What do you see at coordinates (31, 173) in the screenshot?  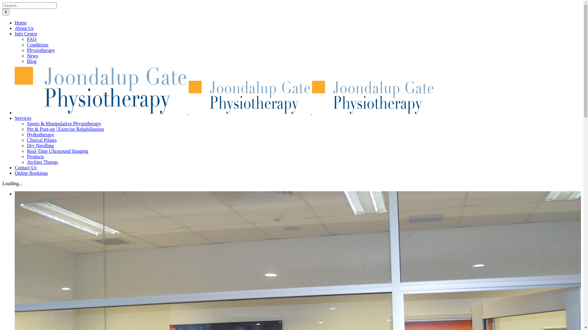 I see `'Online Bookings'` at bounding box center [31, 173].